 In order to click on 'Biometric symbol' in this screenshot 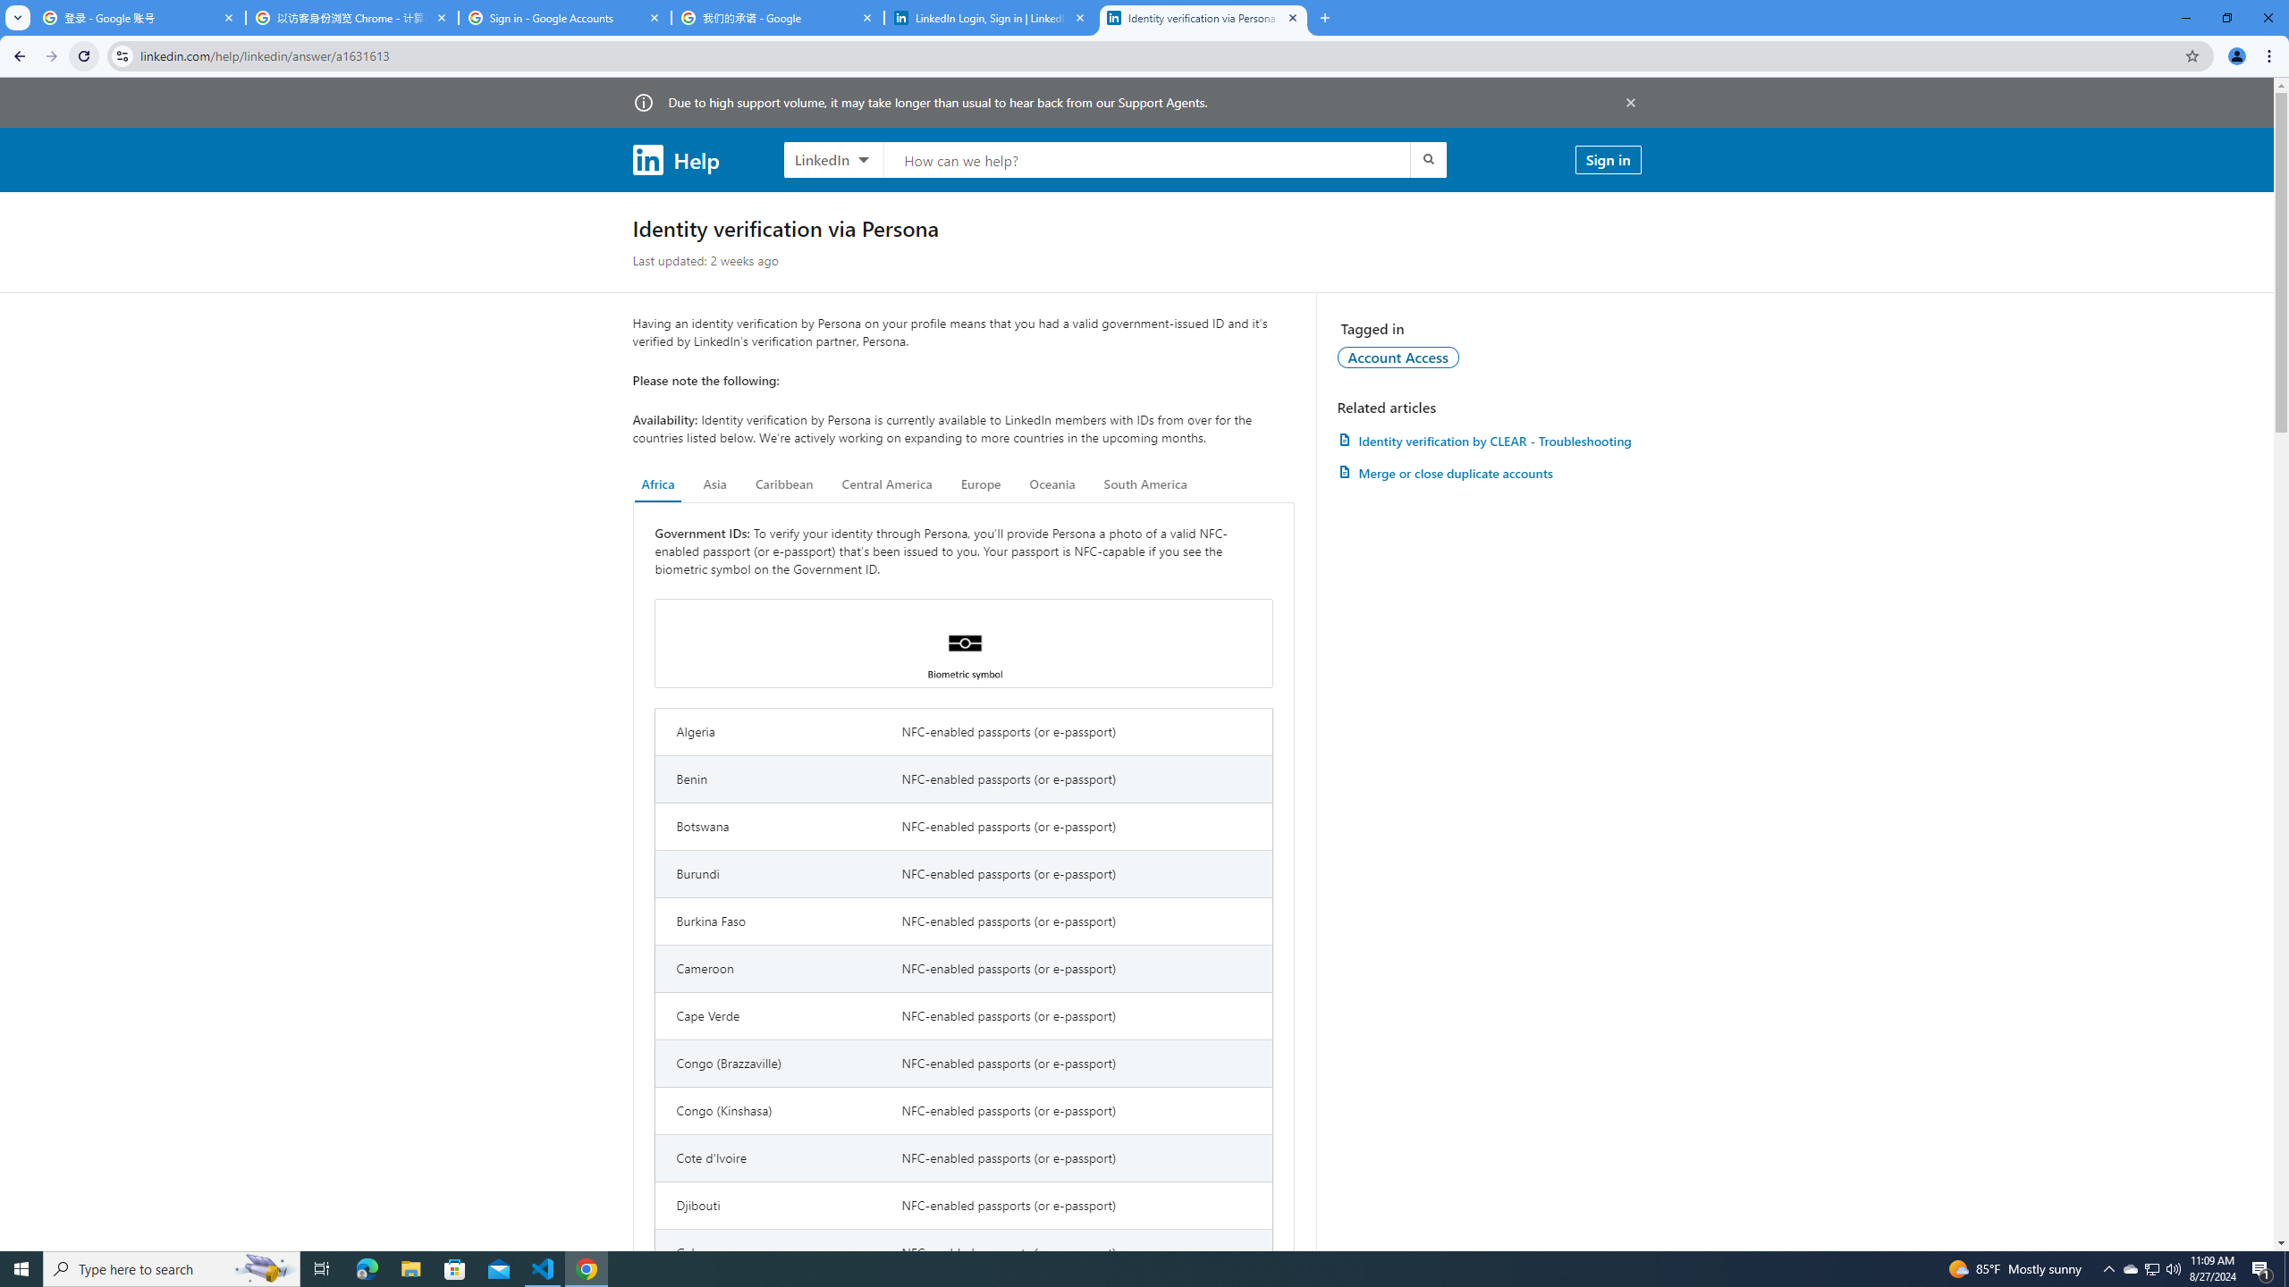, I will do `click(962, 643)`.